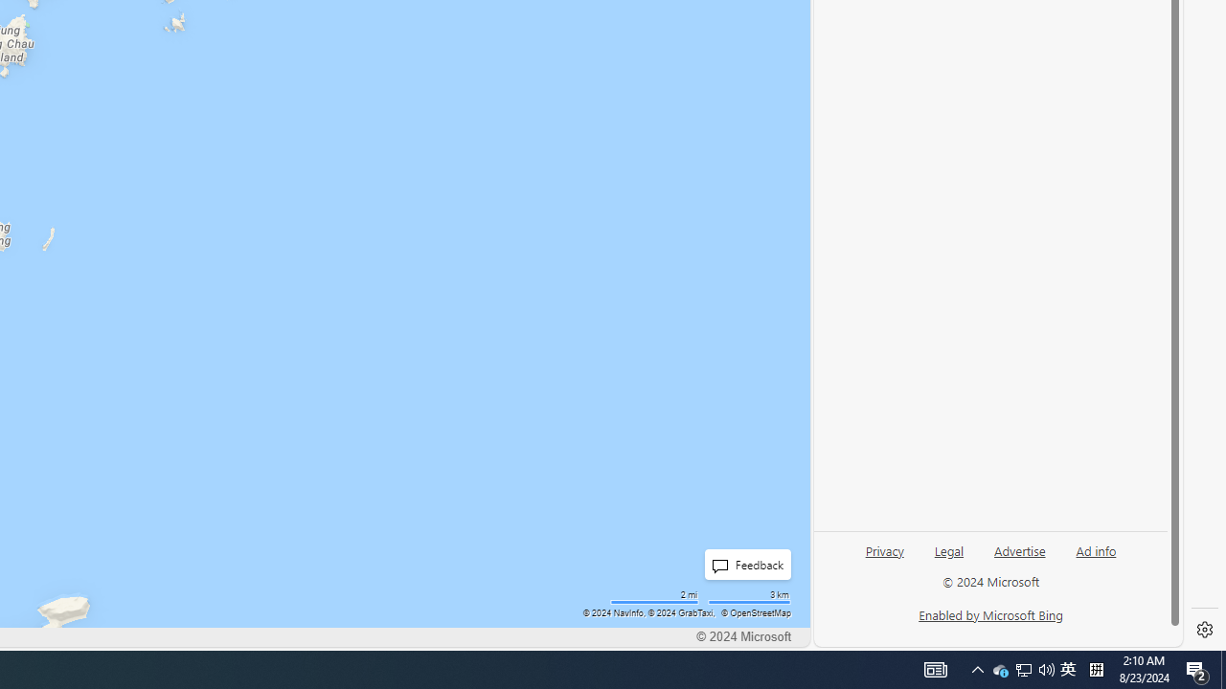 This screenshot has width=1226, height=689. I want to click on 'Ad info', so click(1096, 549).